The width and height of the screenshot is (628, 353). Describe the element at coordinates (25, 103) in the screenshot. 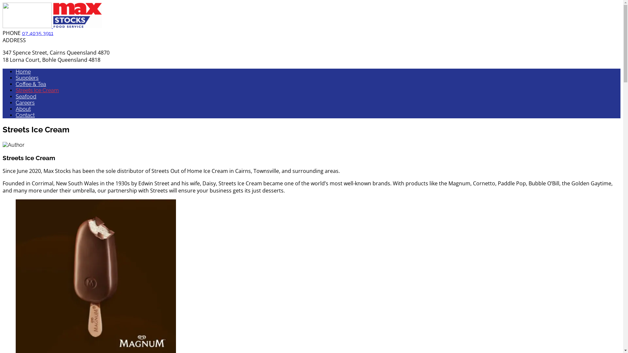

I see `'Careers'` at that location.